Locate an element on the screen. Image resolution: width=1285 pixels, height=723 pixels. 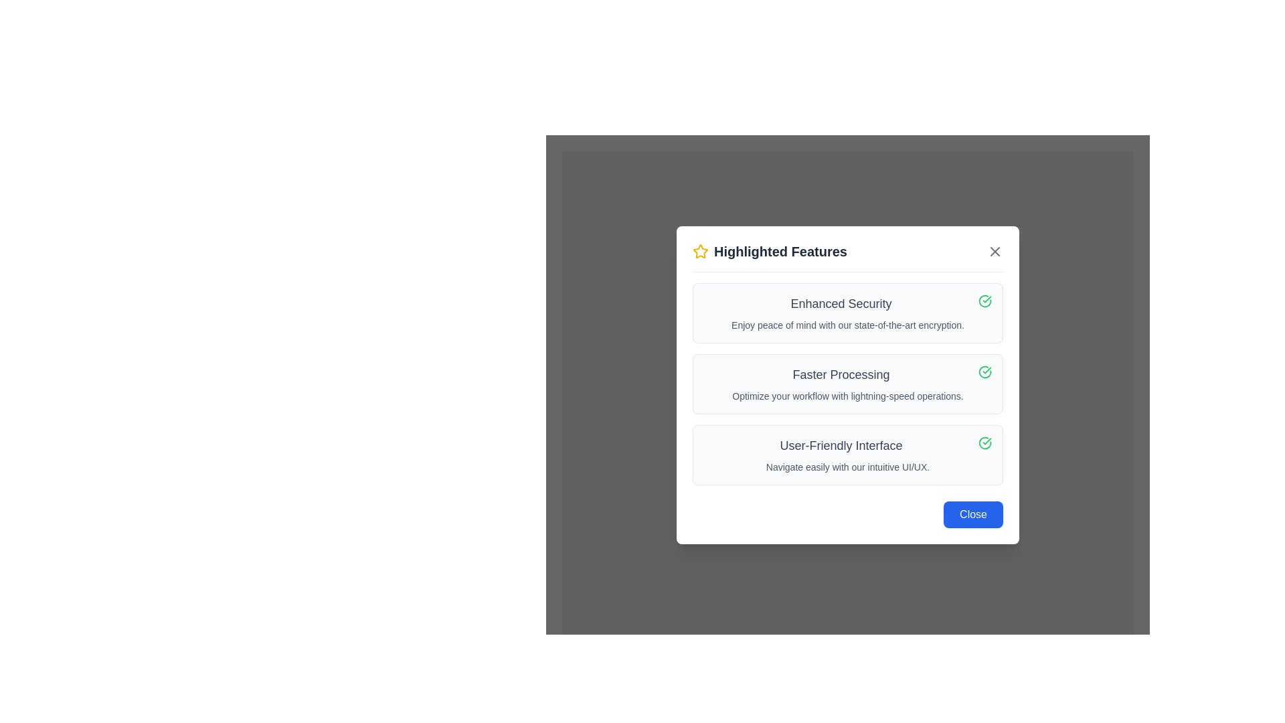
the 'Faster Processing' feature description card, which is the second card in a vertical stack on the modal window is located at coordinates (847, 384).